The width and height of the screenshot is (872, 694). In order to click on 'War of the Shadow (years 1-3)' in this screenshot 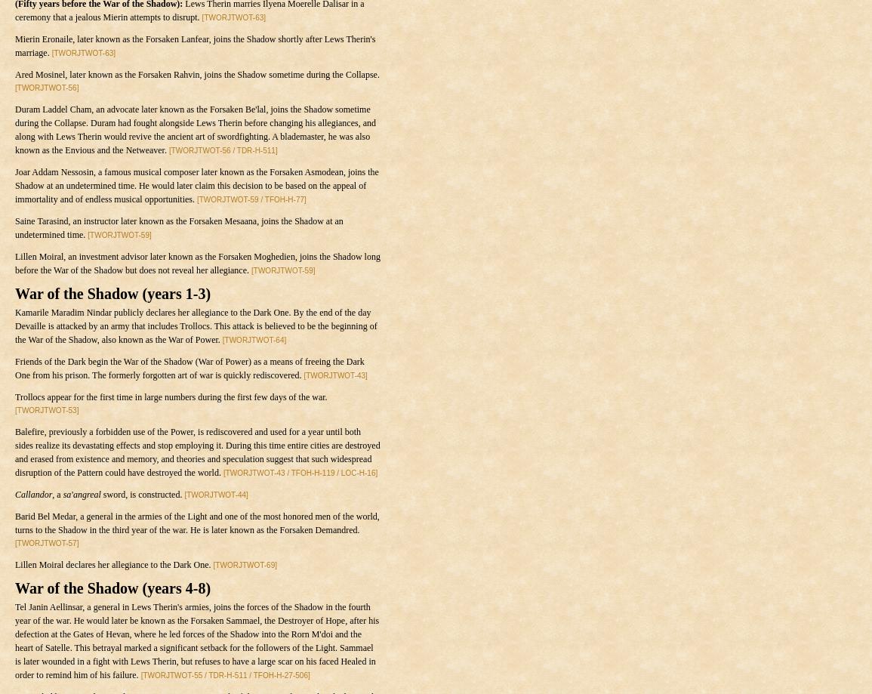, I will do `click(112, 294)`.